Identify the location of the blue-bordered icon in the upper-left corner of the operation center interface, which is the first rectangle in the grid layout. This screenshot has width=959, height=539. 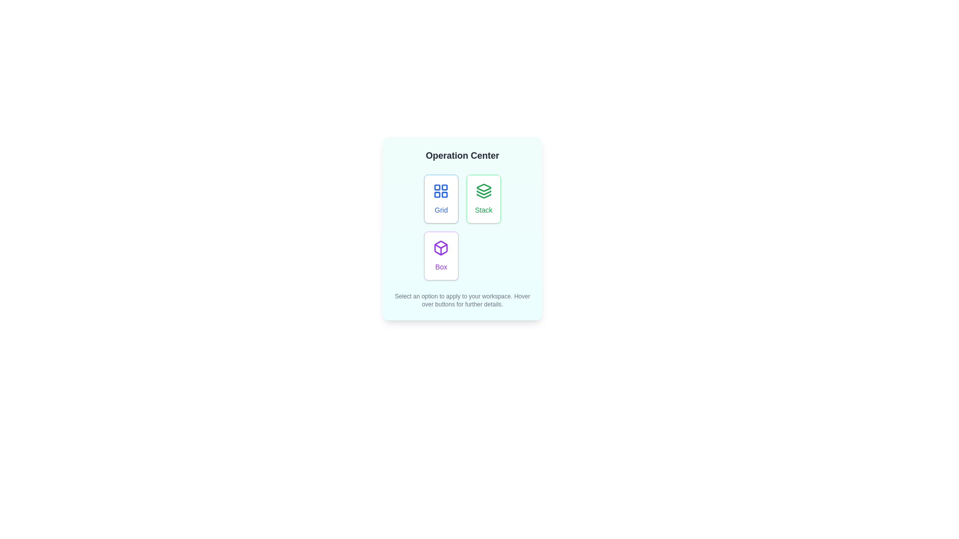
(438, 187).